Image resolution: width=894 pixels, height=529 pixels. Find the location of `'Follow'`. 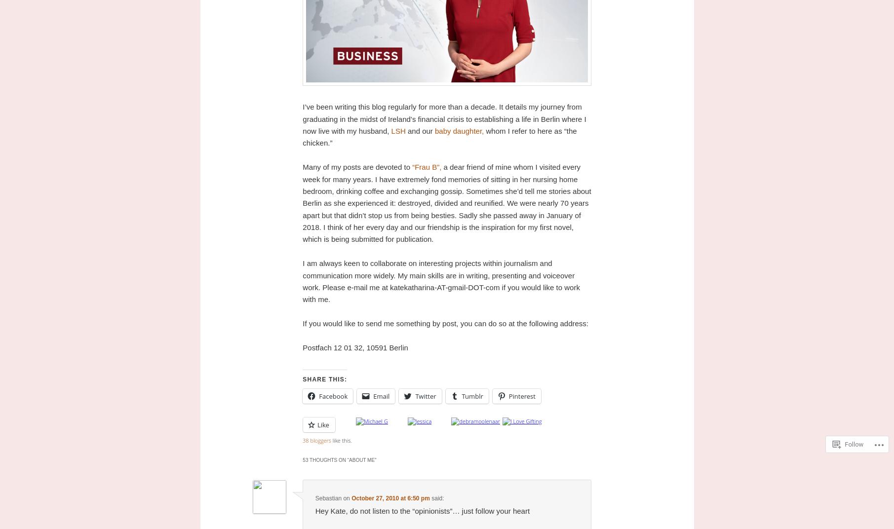

'Follow' is located at coordinates (854, 444).